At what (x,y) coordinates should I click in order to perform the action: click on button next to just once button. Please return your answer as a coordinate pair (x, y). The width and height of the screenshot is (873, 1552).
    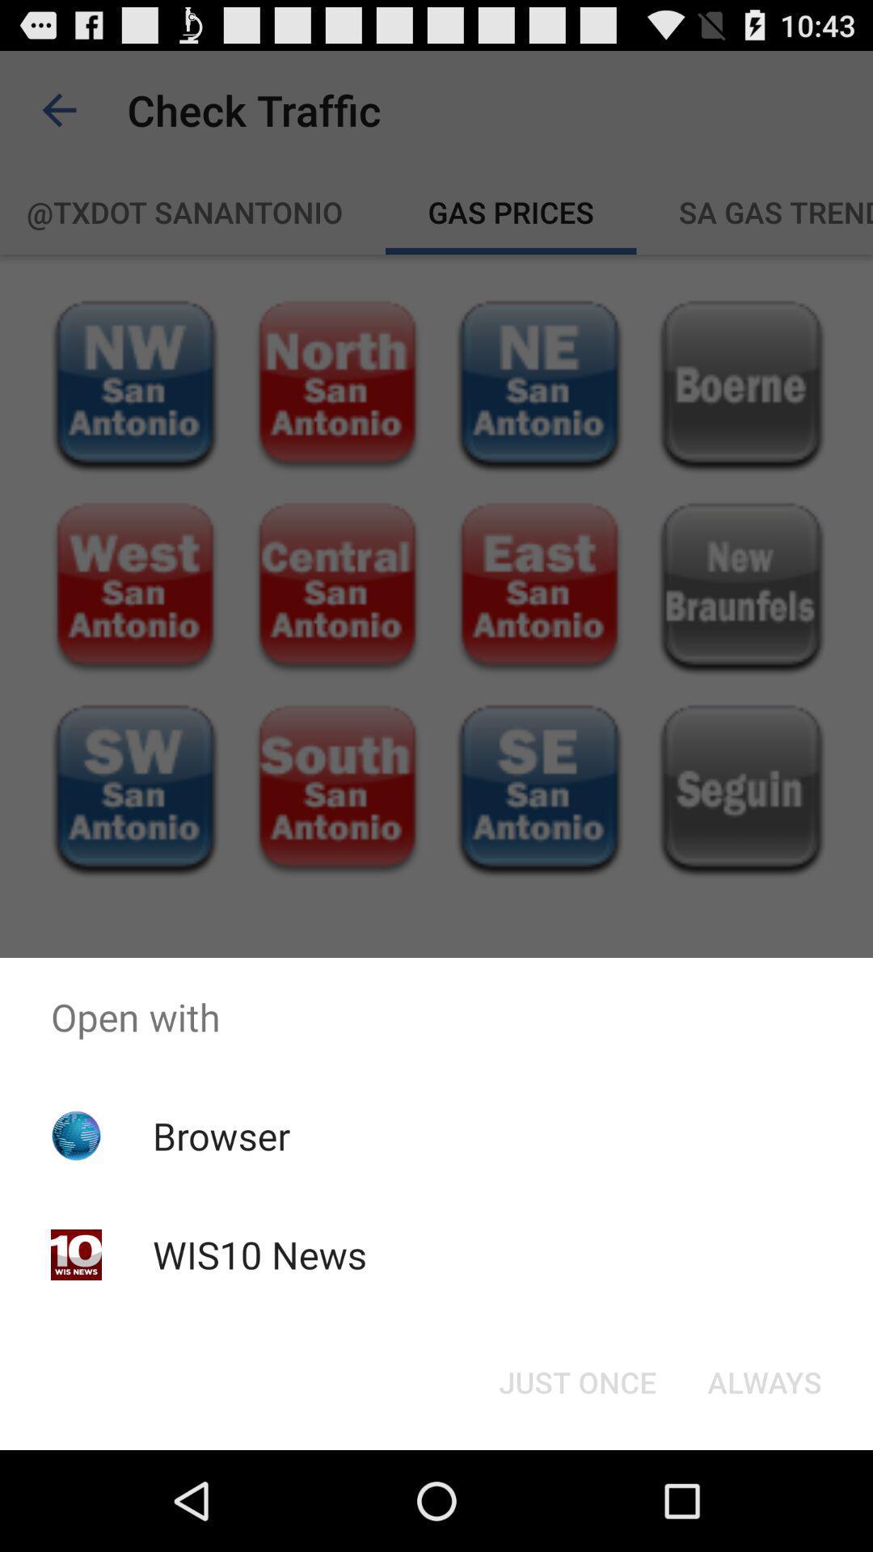
    Looking at the image, I should click on (764, 1381).